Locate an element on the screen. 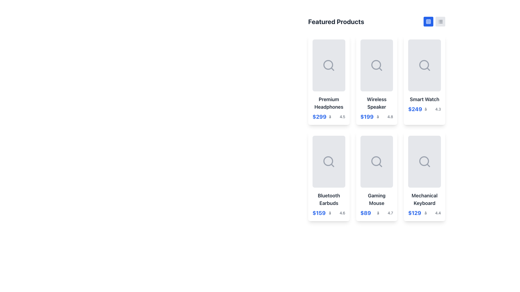 The image size is (520, 292). the circular button with a white background and blue accent color located in the bottom right corner of the 'Mechanical Keyboard' product card is located at coordinates (417, 176).